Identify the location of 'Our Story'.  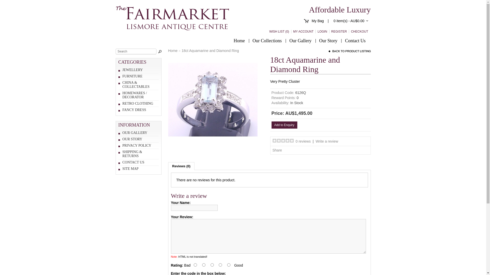
(328, 40).